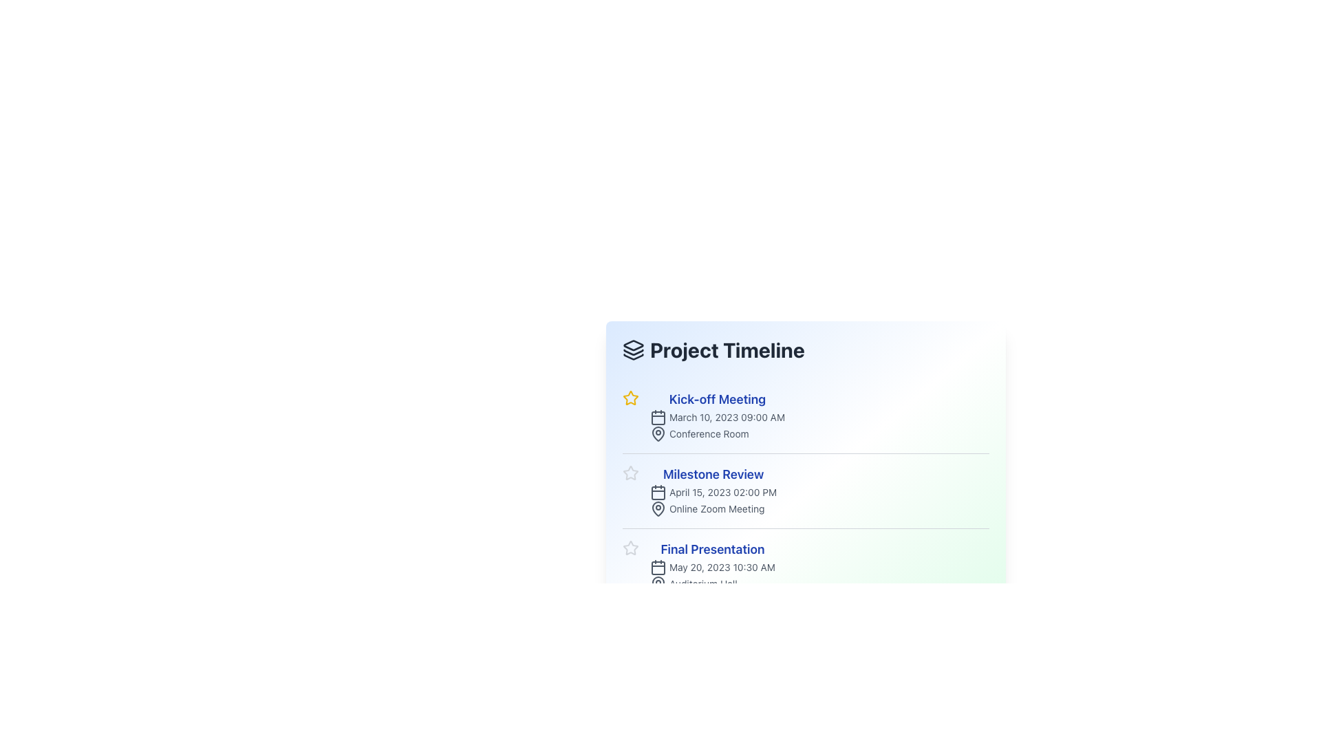  I want to click on the first star icon in the 'Project Timeline' list, located, so click(630, 398).